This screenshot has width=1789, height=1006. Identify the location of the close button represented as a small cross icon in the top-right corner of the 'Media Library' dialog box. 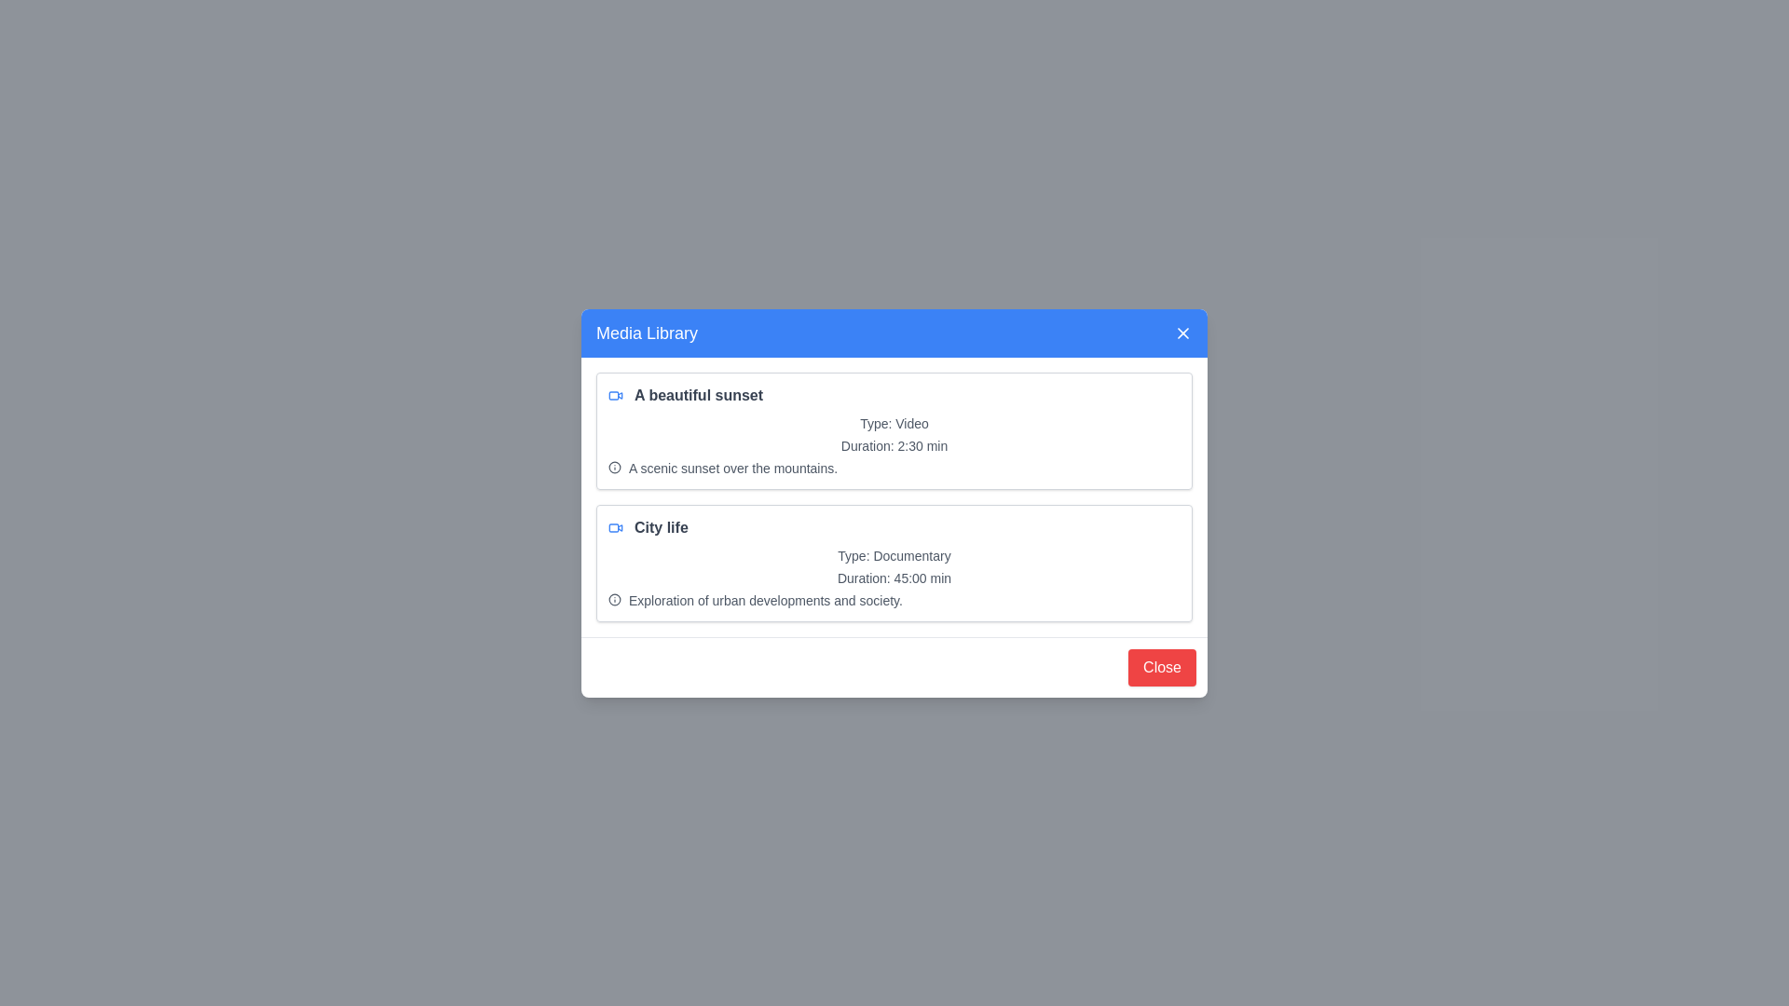
(1182, 332).